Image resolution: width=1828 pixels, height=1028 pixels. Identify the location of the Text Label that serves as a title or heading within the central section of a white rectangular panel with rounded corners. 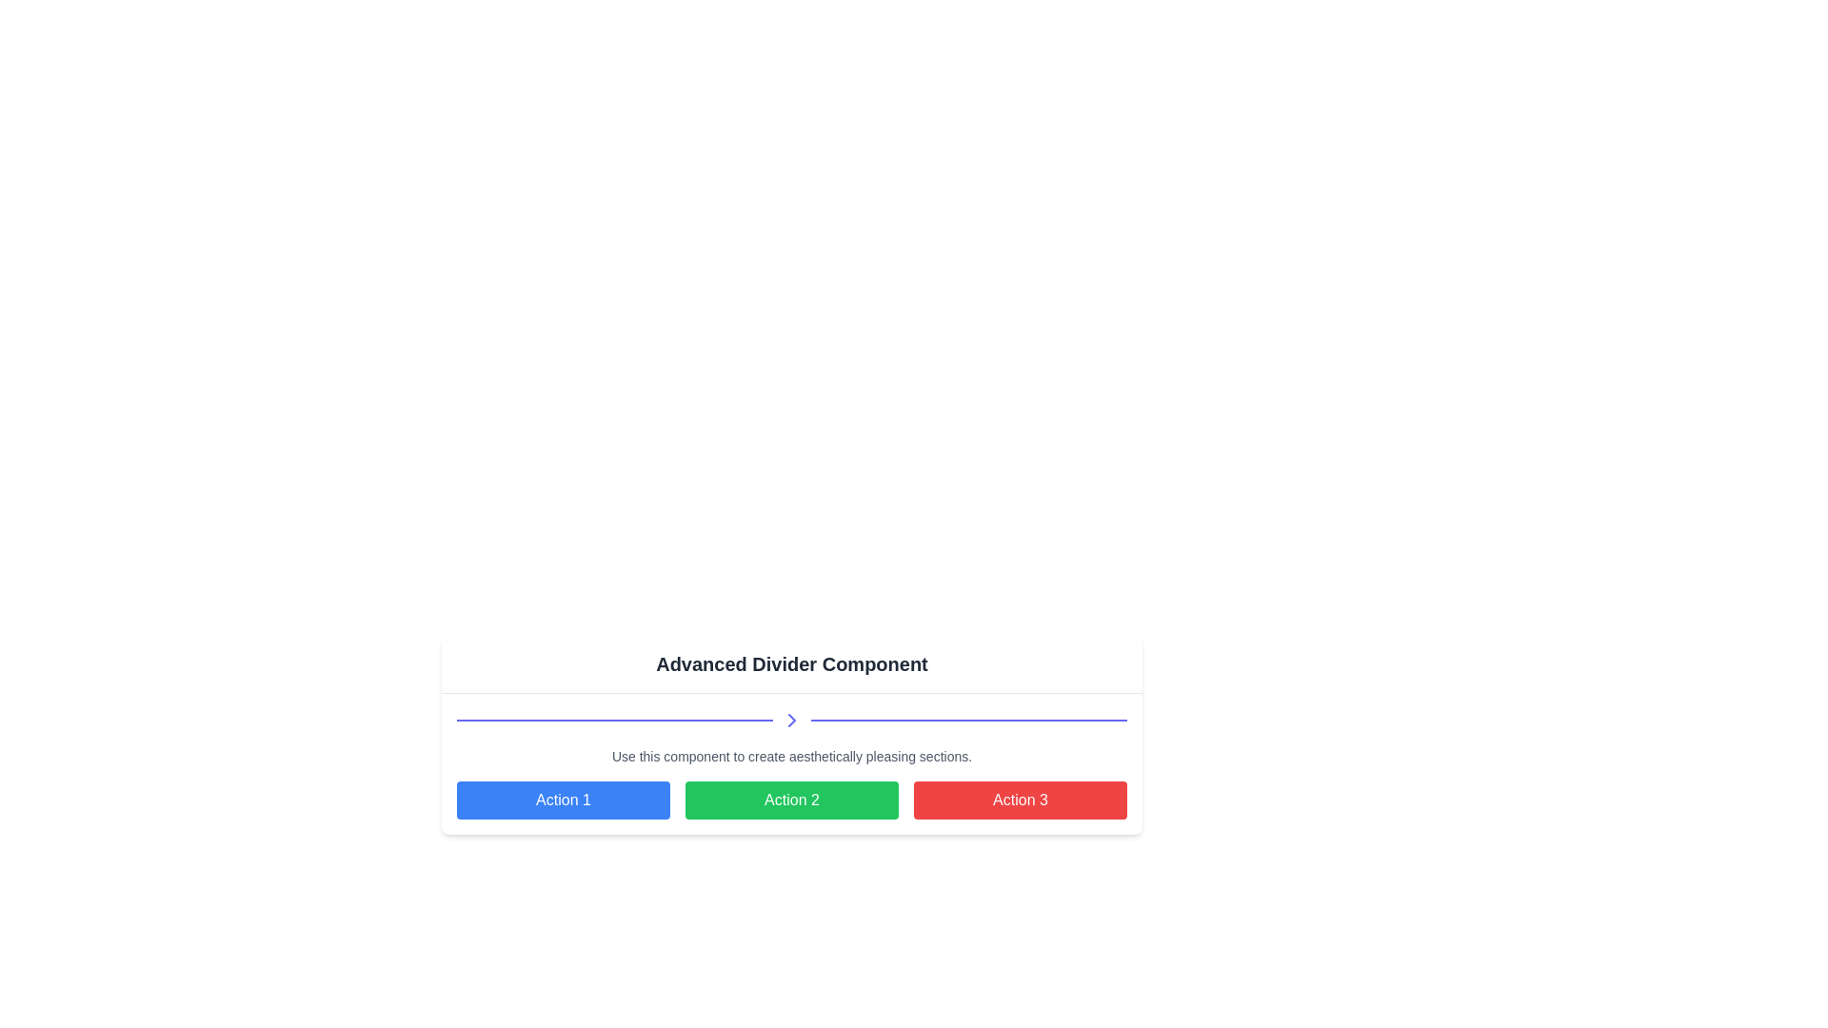
(791, 663).